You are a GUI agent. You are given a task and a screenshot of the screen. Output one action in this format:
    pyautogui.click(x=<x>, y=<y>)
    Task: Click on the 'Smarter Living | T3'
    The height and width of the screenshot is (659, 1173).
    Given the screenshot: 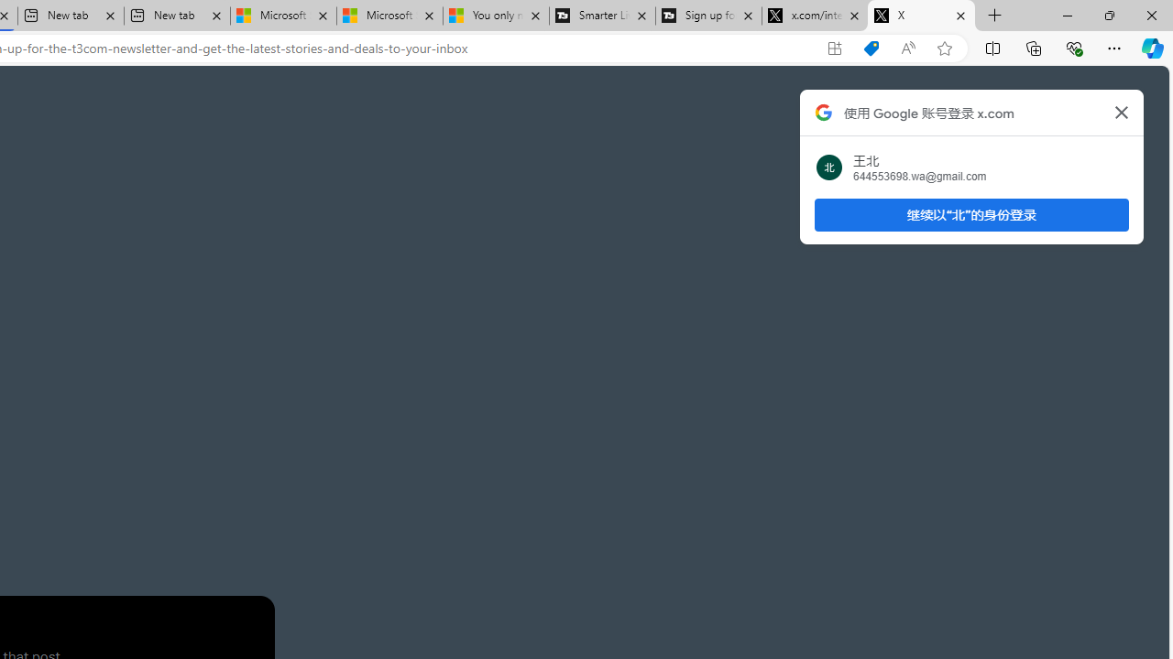 What is the action you would take?
    pyautogui.click(x=602, y=16)
    